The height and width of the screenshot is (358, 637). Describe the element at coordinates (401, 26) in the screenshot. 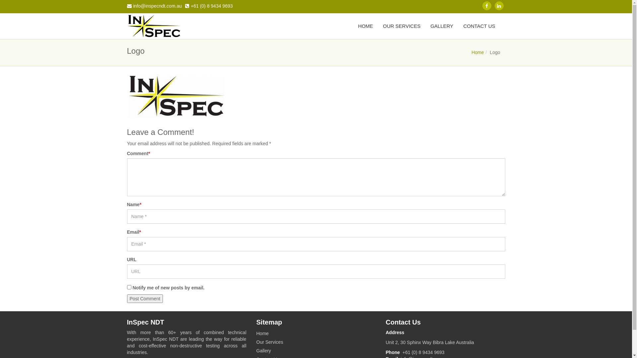

I see `'OUR SERVICES'` at that location.